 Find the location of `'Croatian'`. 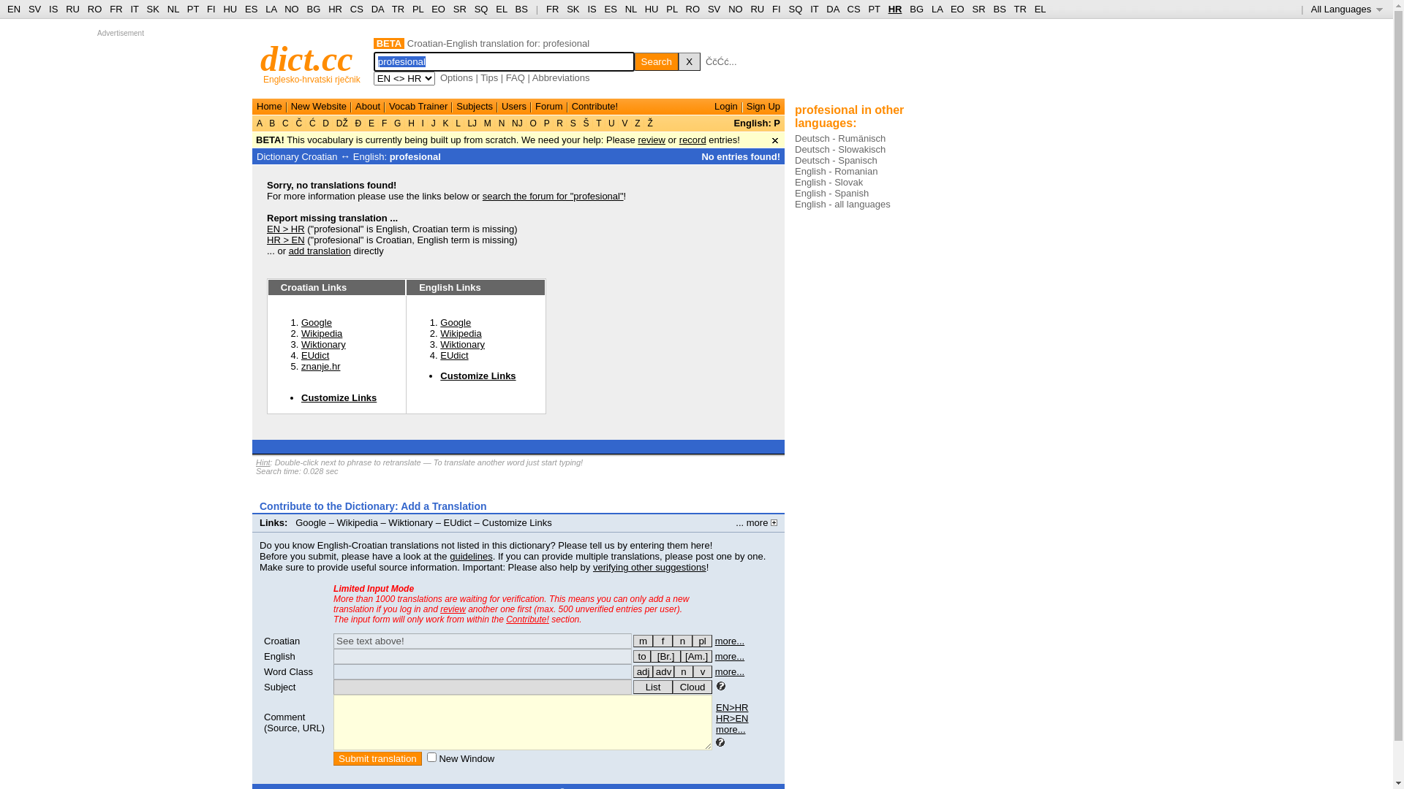

'Croatian' is located at coordinates (282, 640).